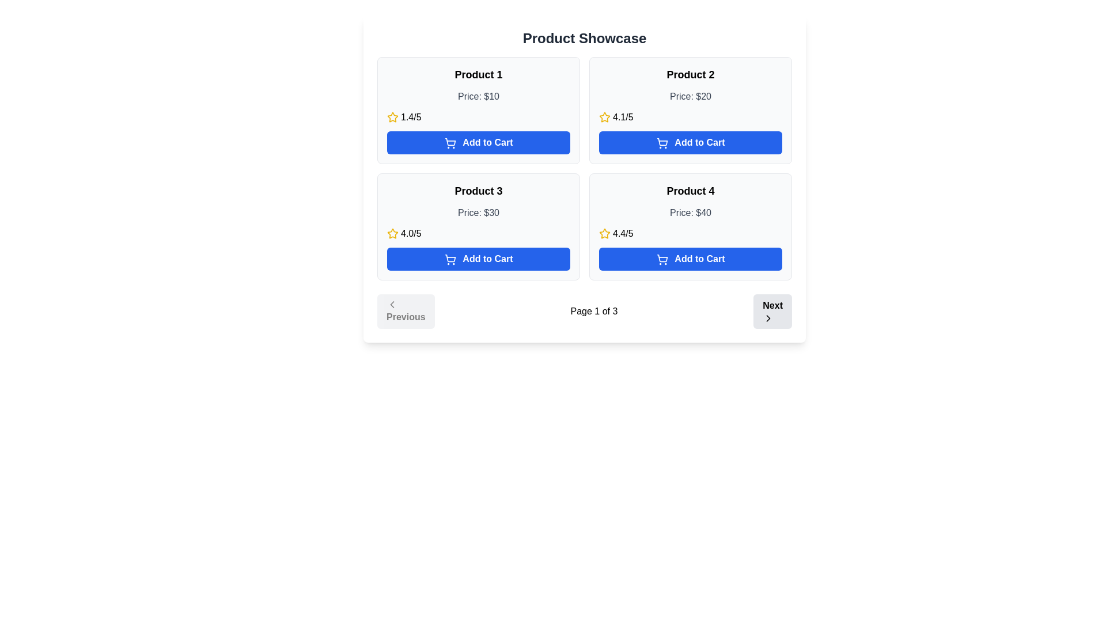 This screenshot has width=1106, height=622. What do you see at coordinates (768, 318) in the screenshot?
I see `the right-pointing chevron icon within the 'Next' button to trigger the hover effect` at bounding box center [768, 318].